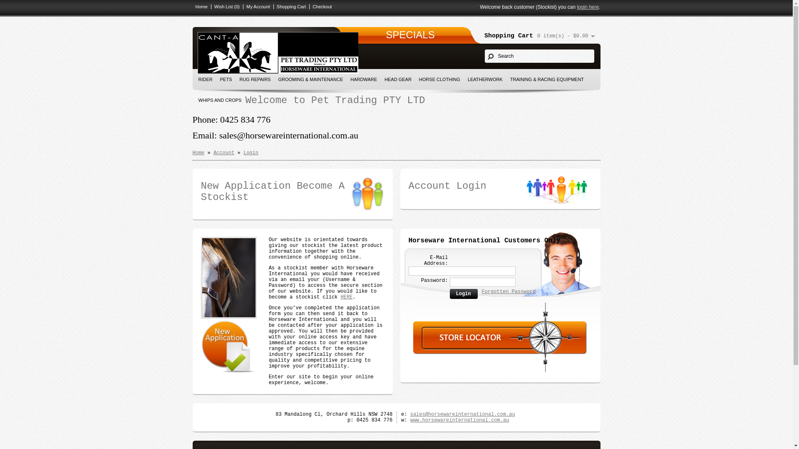  I want to click on 'My Account', so click(256, 6).